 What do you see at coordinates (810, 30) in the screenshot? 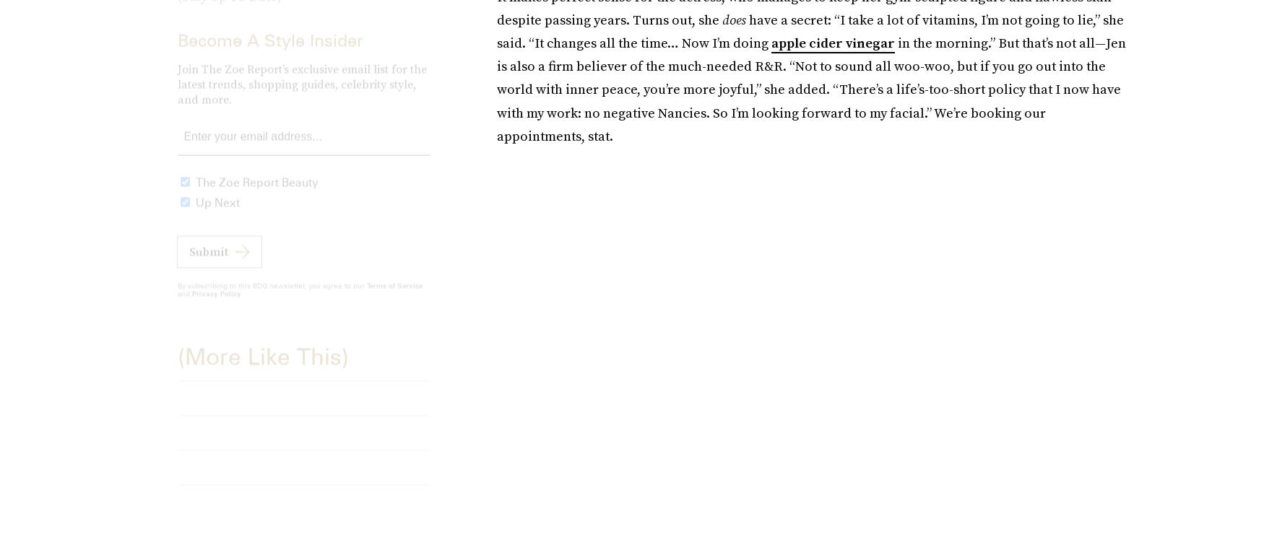
I see `'have a secret: “I take a lot of vitamins, I’m not going to lie,” she said. “It changes all the time… Now I’m doing'` at bounding box center [810, 30].